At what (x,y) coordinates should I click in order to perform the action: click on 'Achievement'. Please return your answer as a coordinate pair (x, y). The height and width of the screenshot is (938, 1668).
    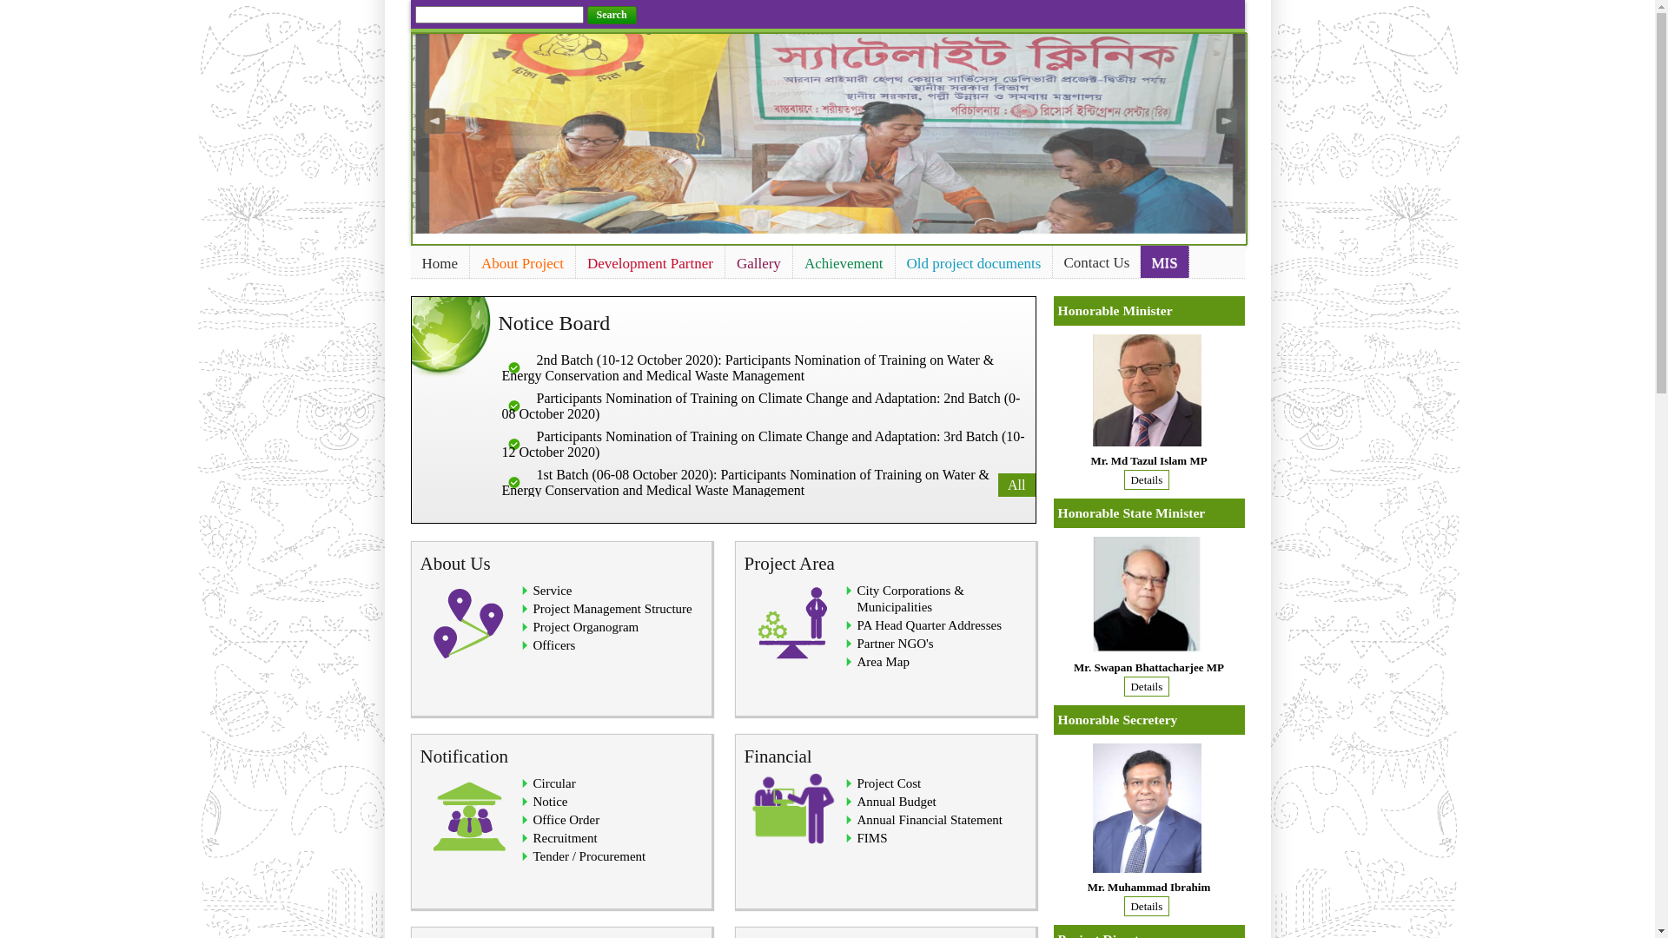
    Looking at the image, I should click on (844, 264).